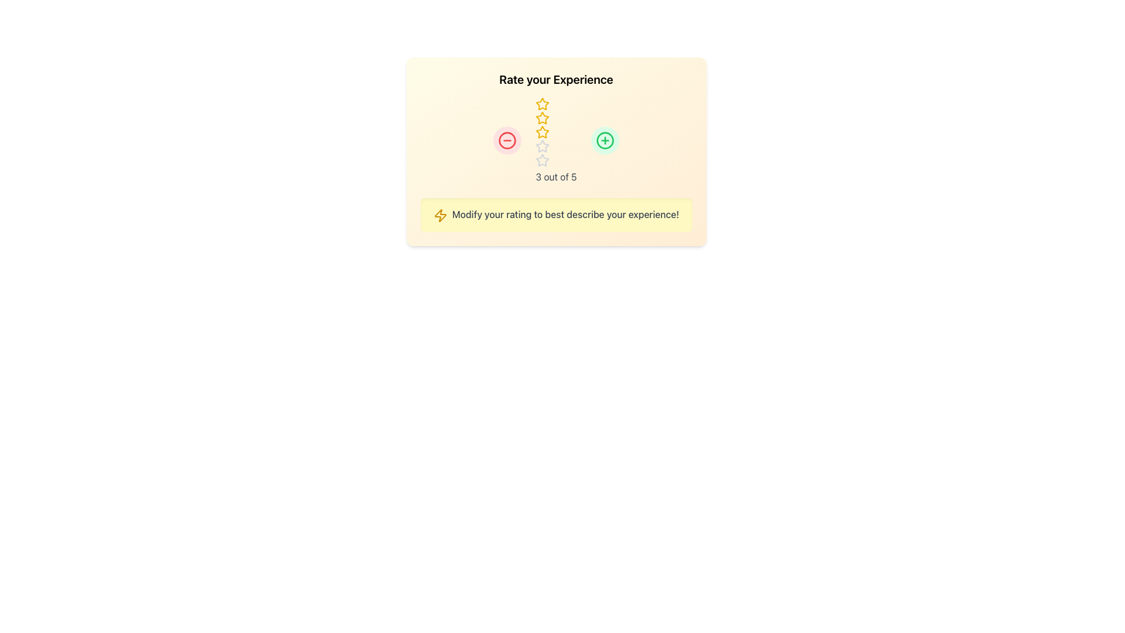 Image resolution: width=1125 pixels, height=633 pixels. What do you see at coordinates (439, 215) in the screenshot?
I see `the lightning bolt icon in the notification message located at the bottom of the user rating feedback card, which is colored bright yellow-orange and positioned to the left of the text 'Modify your rating to best describe your experience.'` at bounding box center [439, 215].